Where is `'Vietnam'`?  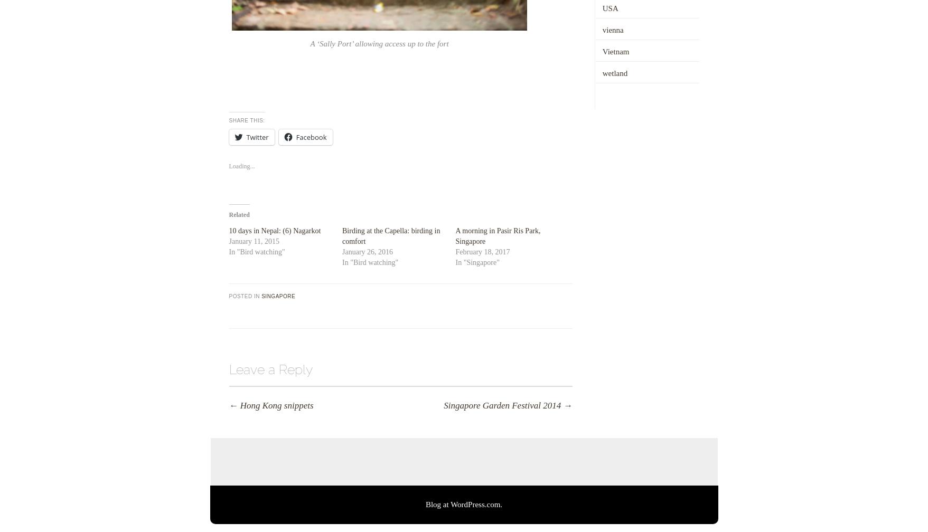 'Vietnam' is located at coordinates (615, 51).